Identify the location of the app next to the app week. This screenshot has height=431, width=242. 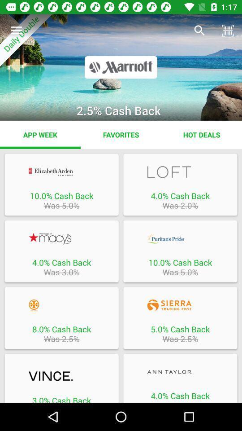
(121, 134).